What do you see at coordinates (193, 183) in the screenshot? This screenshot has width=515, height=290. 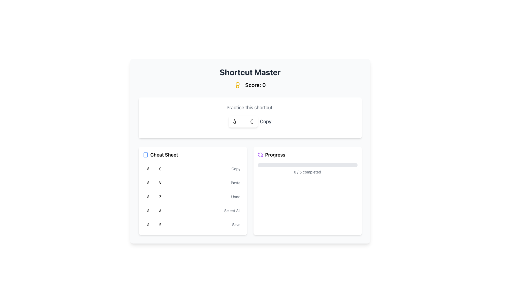 I see `the list item displaying the keyboard shortcut '⌘ V' for the Paste function, located in the Cheat Sheet section of the interface` at bounding box center [193, 183].